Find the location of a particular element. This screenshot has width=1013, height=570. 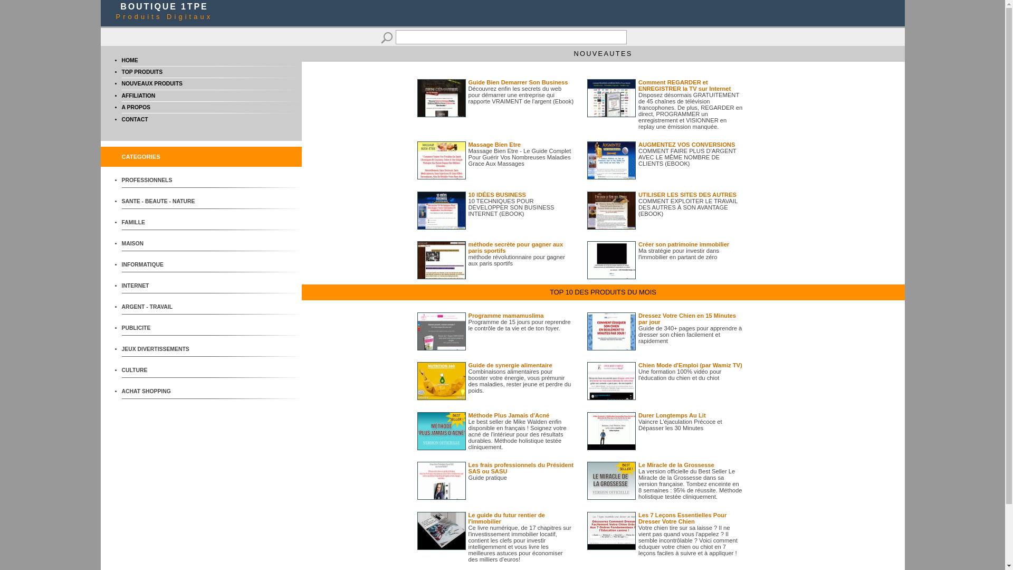

'ARGENT - TRAVAIL' is located at coordinates (160, 307).